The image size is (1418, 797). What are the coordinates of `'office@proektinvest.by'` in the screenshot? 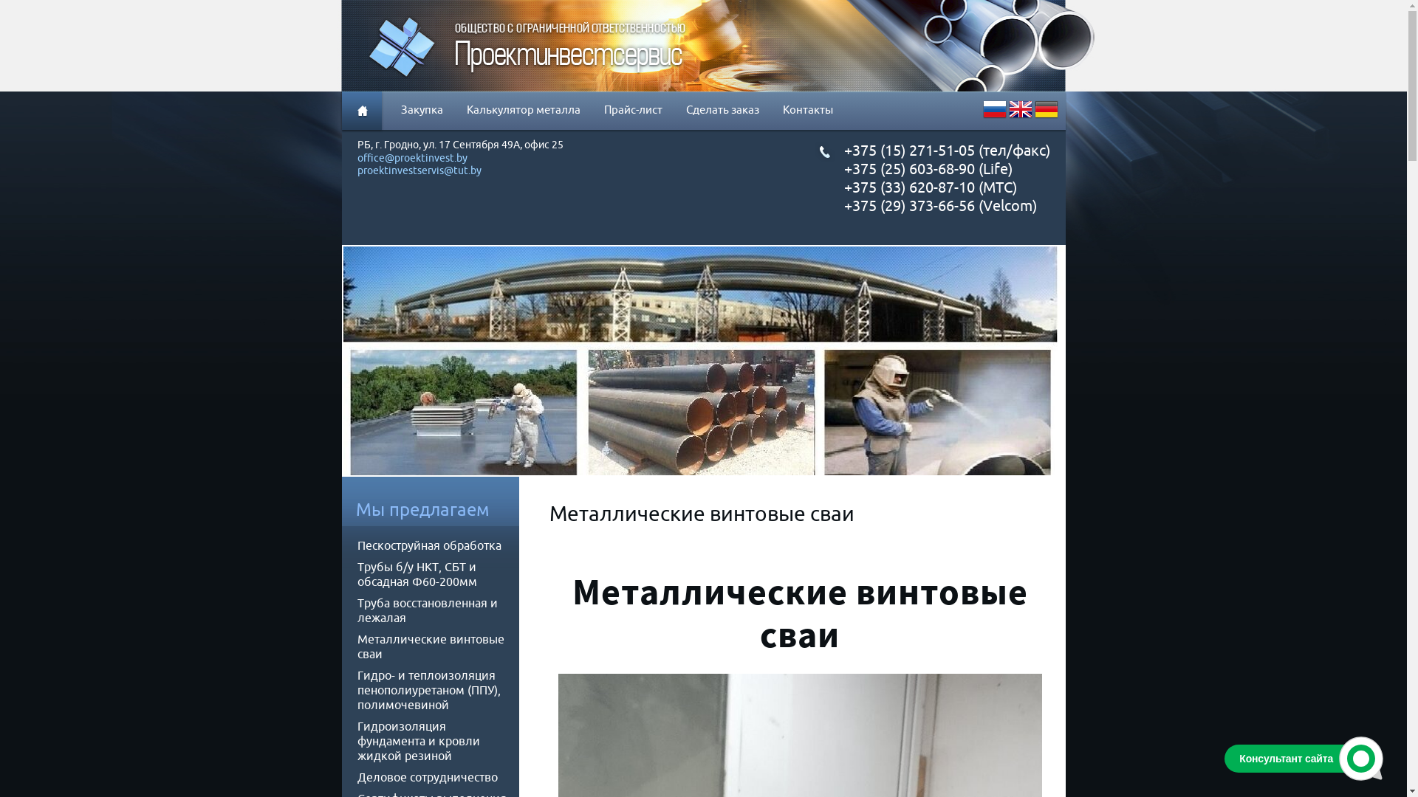 It's located at (412, 159).